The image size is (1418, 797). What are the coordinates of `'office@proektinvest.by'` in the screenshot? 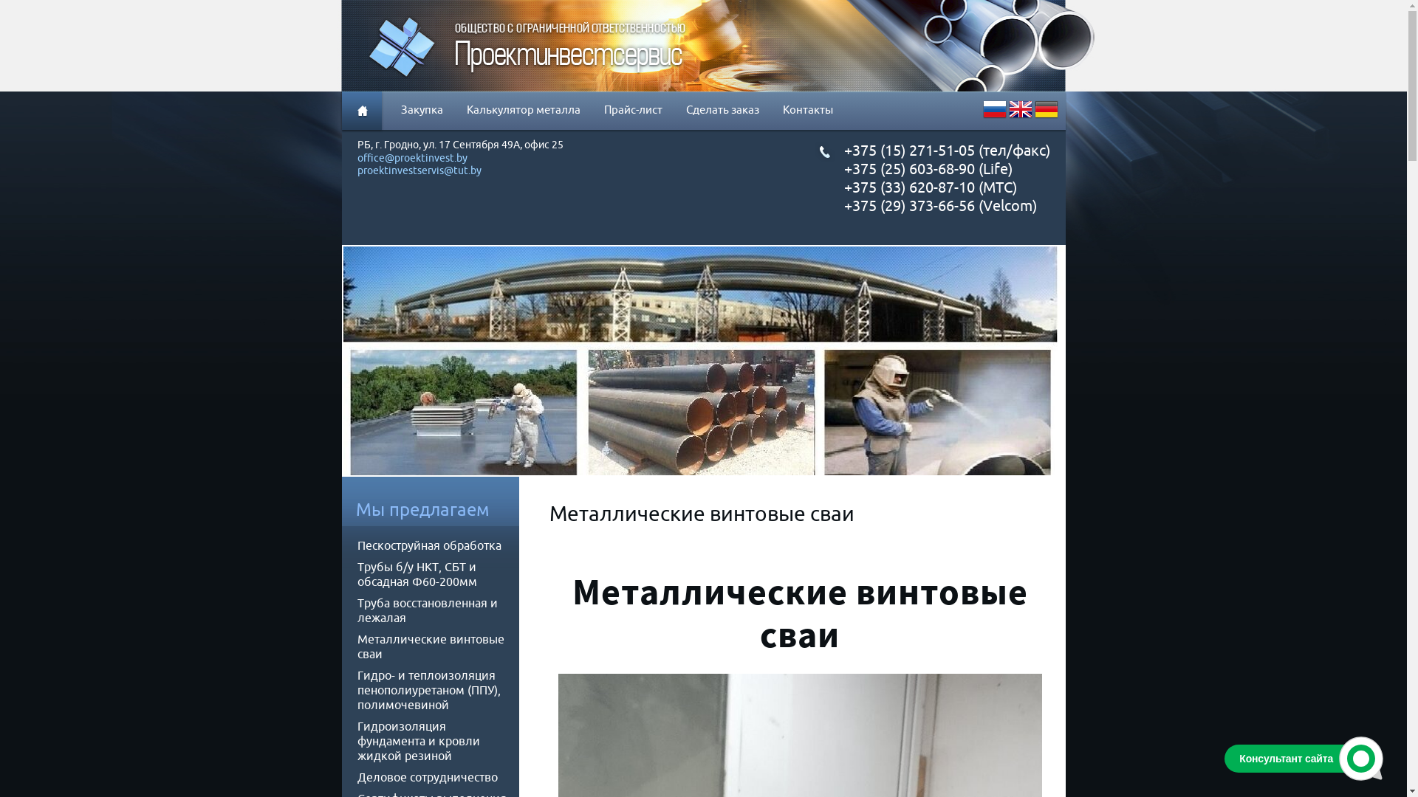 It's located at (412, 159).